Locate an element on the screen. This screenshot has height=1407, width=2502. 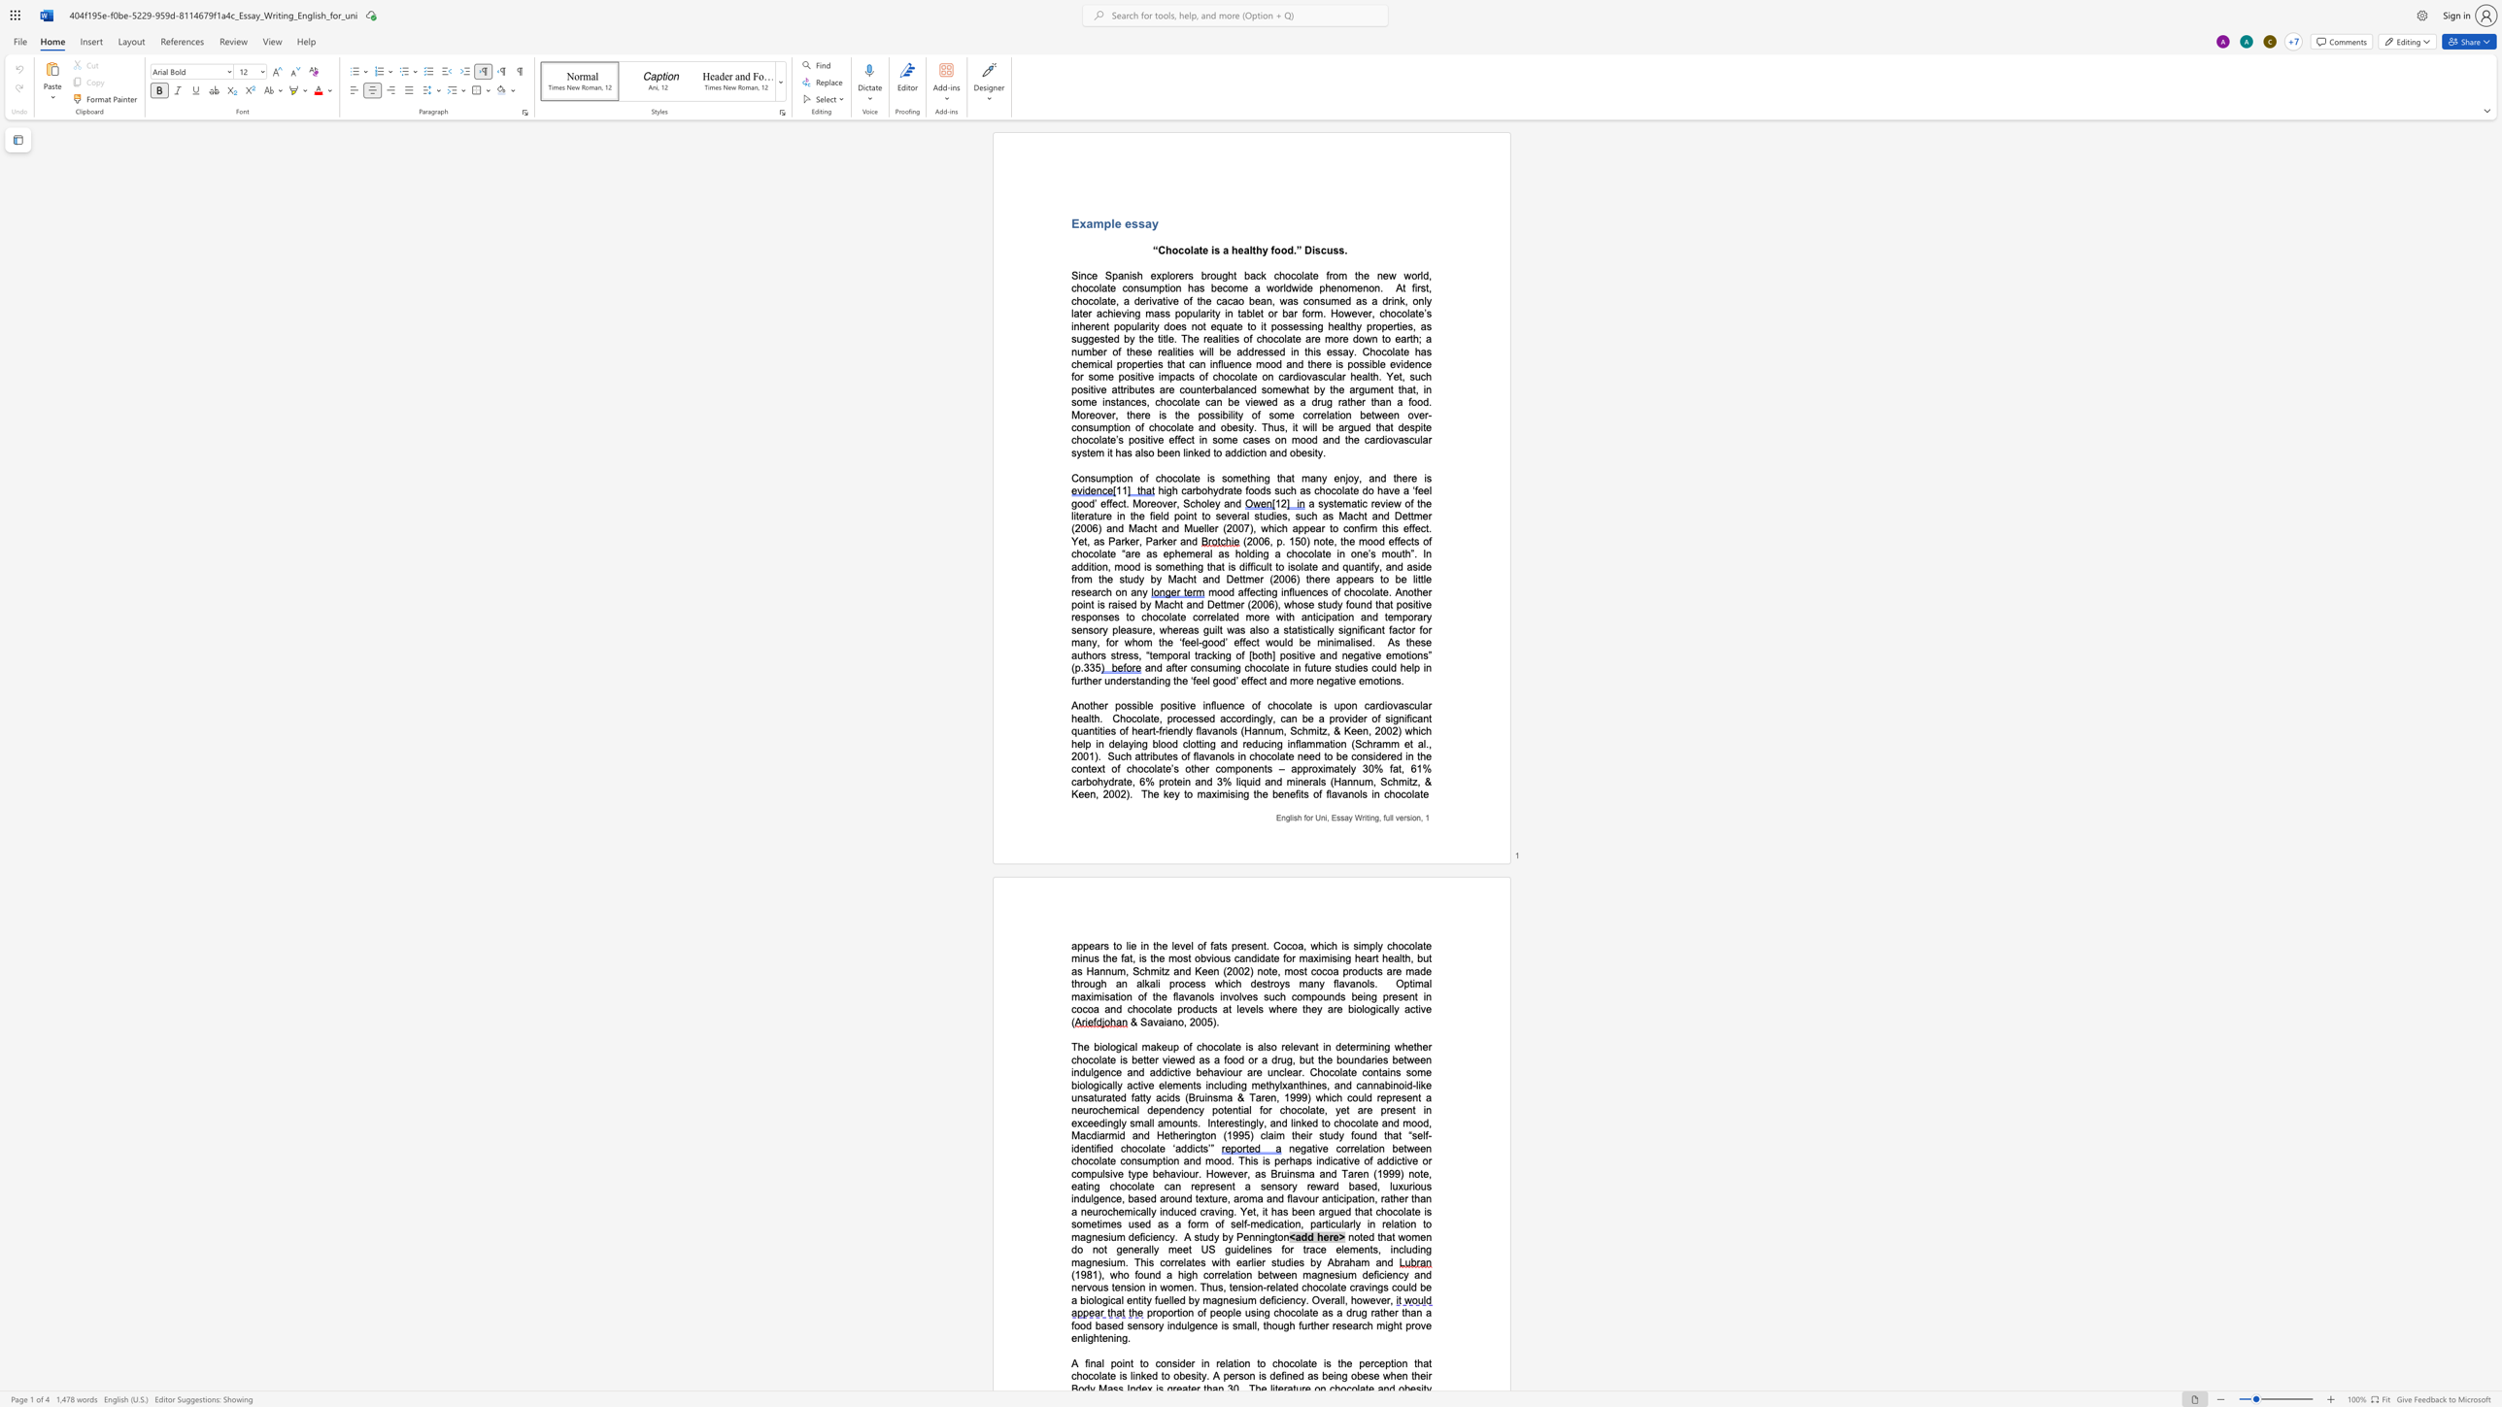
the space between the continuous character "r" and "t" in the text is located at coordinates (1146, 363).